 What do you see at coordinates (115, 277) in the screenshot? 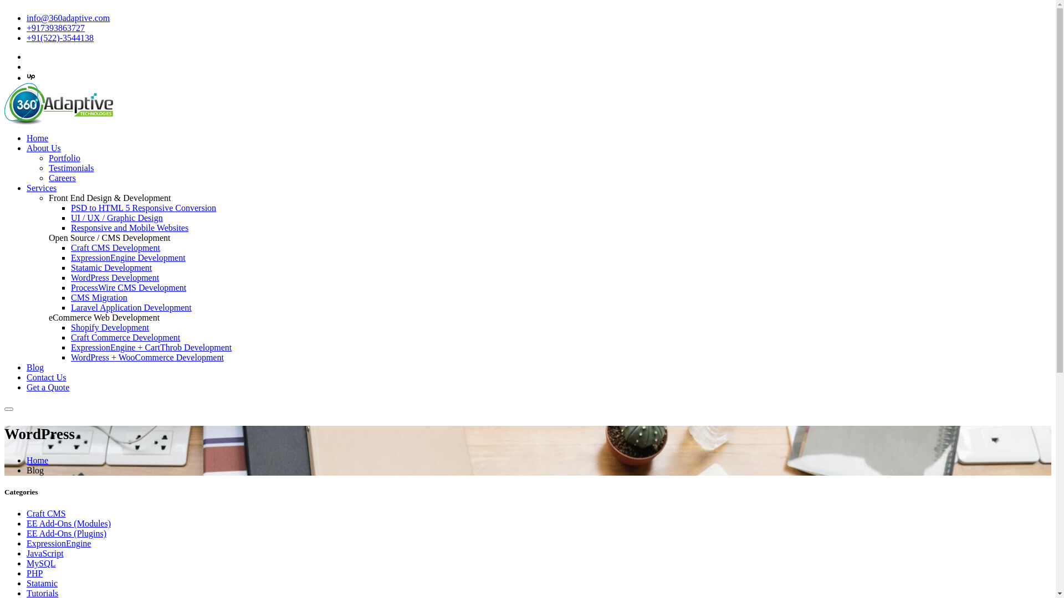
I see `'WordPress Development'` at bounding box center [115, 277].